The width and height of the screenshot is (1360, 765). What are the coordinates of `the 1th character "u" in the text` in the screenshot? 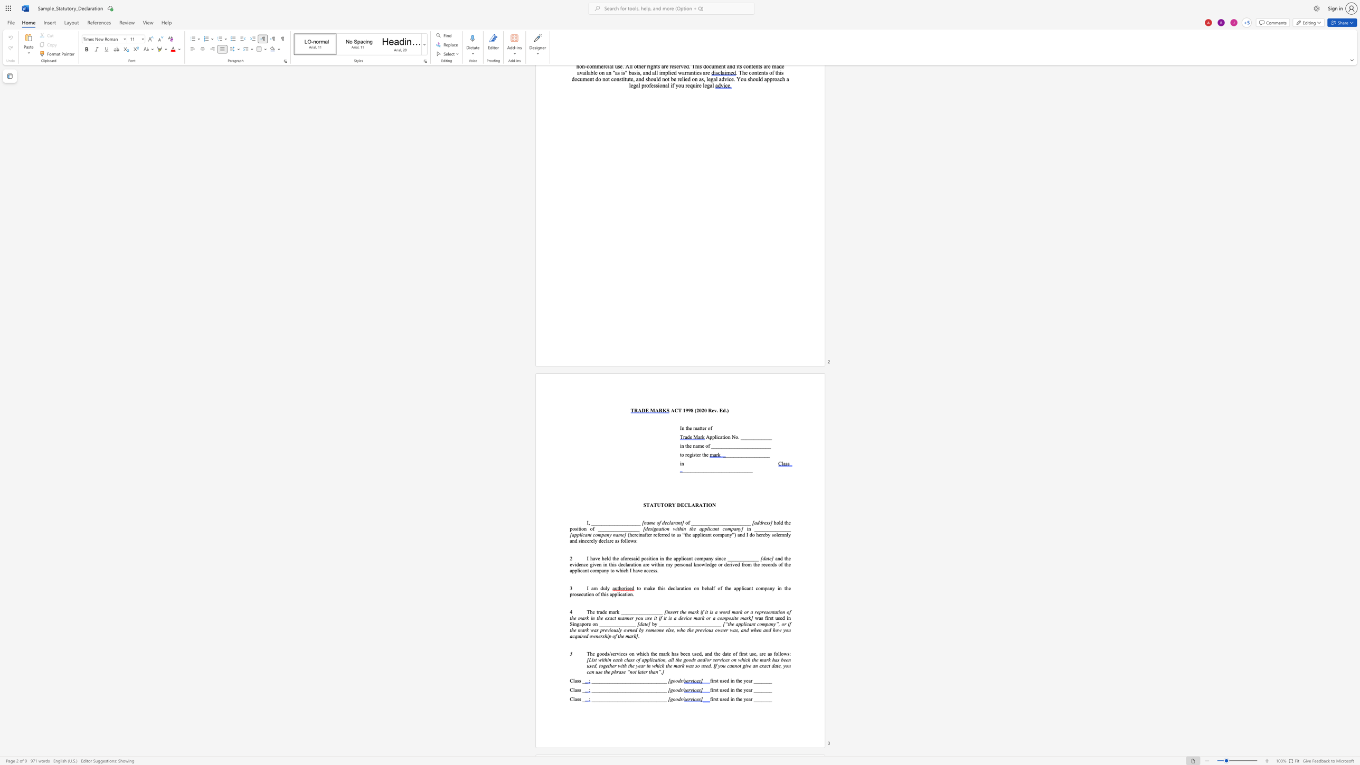 It's located at (604, 588).